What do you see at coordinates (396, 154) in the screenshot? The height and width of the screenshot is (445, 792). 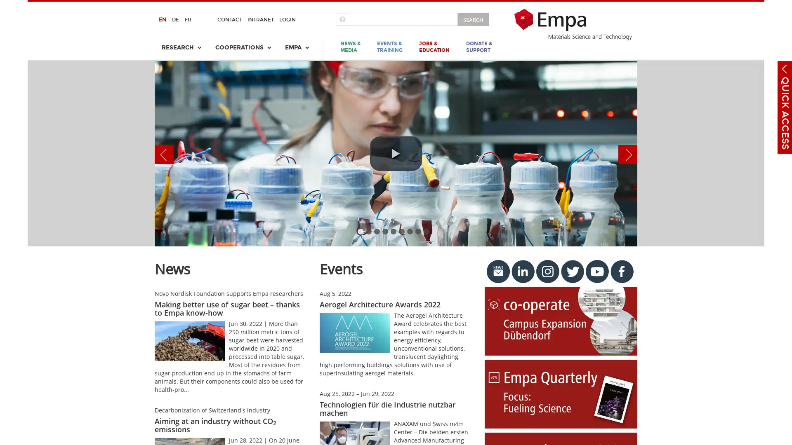 I see `play video` at bounding box center [396, 154].